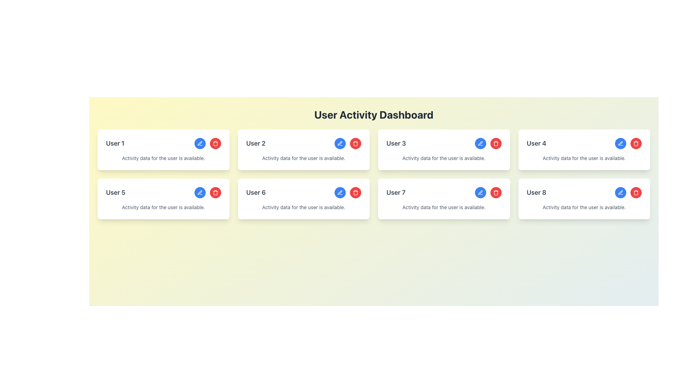 Image resolution: width=674 pixels, height=379 pixels. Describe the element at coordinates (495, 144) in the screenshot. I see `the delete action icon in the top right corner of the fourth user card in the first row` at that location.